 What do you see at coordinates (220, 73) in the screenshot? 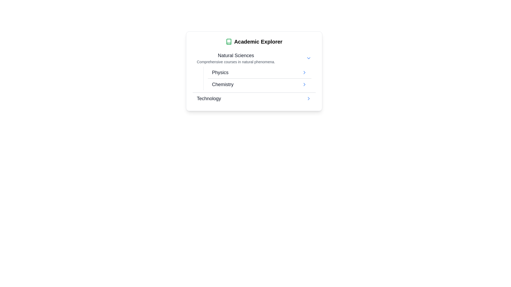
I see `the 'Physics' label, which is the topmost entry in the selectable list under the 'Natural Sciences' category` at bounding box center [220, 73].